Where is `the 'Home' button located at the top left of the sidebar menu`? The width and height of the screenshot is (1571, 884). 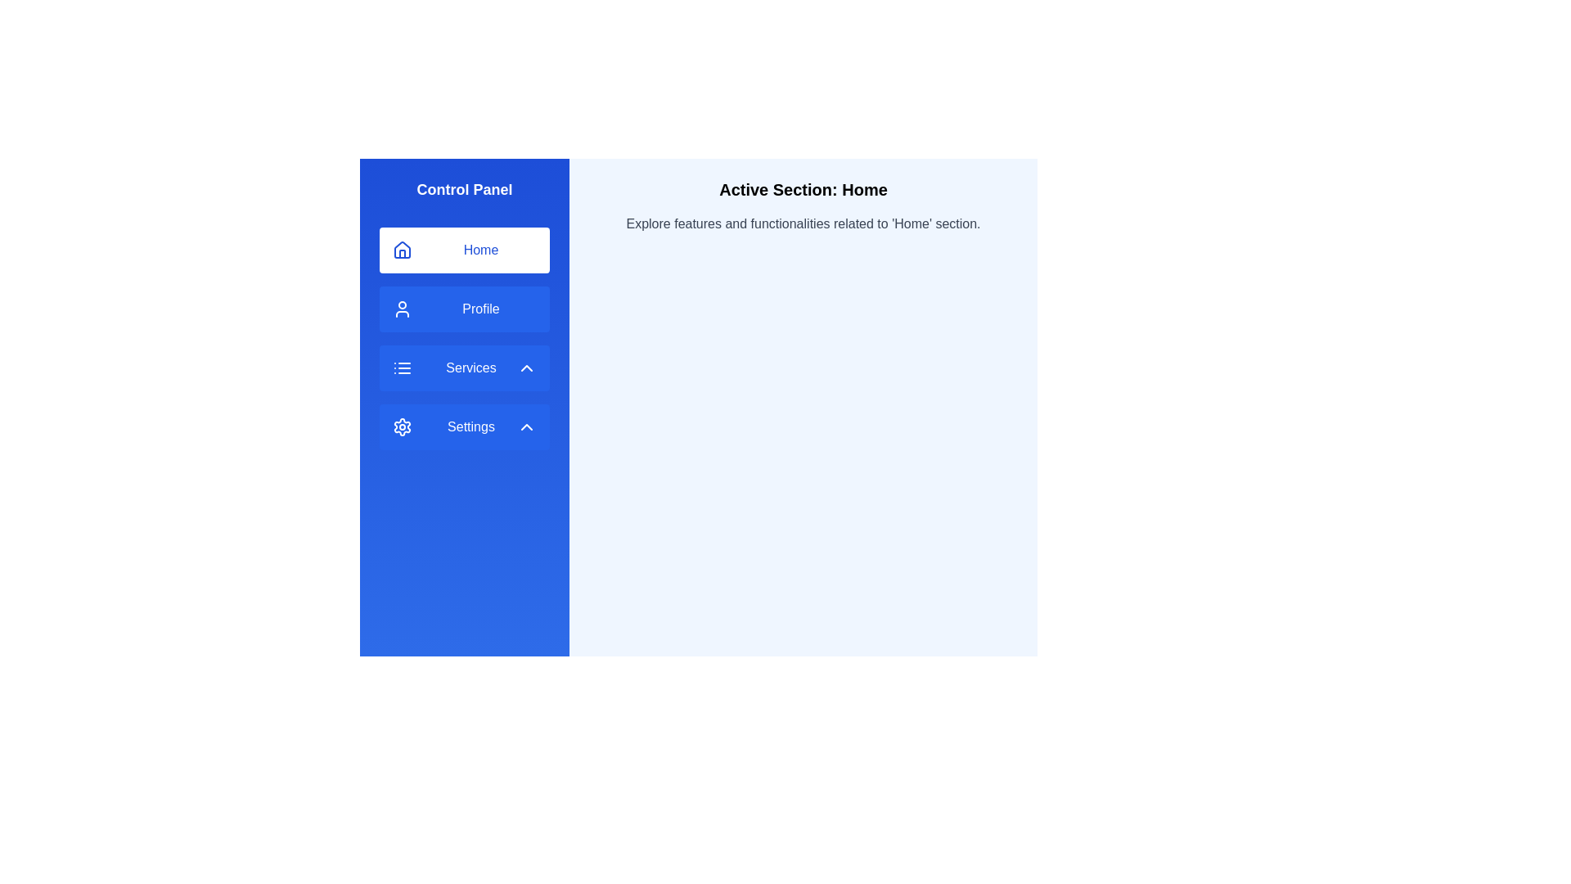 the 'Home' button located at the top left of the sidebar menu is located at coordinates (463, 250).